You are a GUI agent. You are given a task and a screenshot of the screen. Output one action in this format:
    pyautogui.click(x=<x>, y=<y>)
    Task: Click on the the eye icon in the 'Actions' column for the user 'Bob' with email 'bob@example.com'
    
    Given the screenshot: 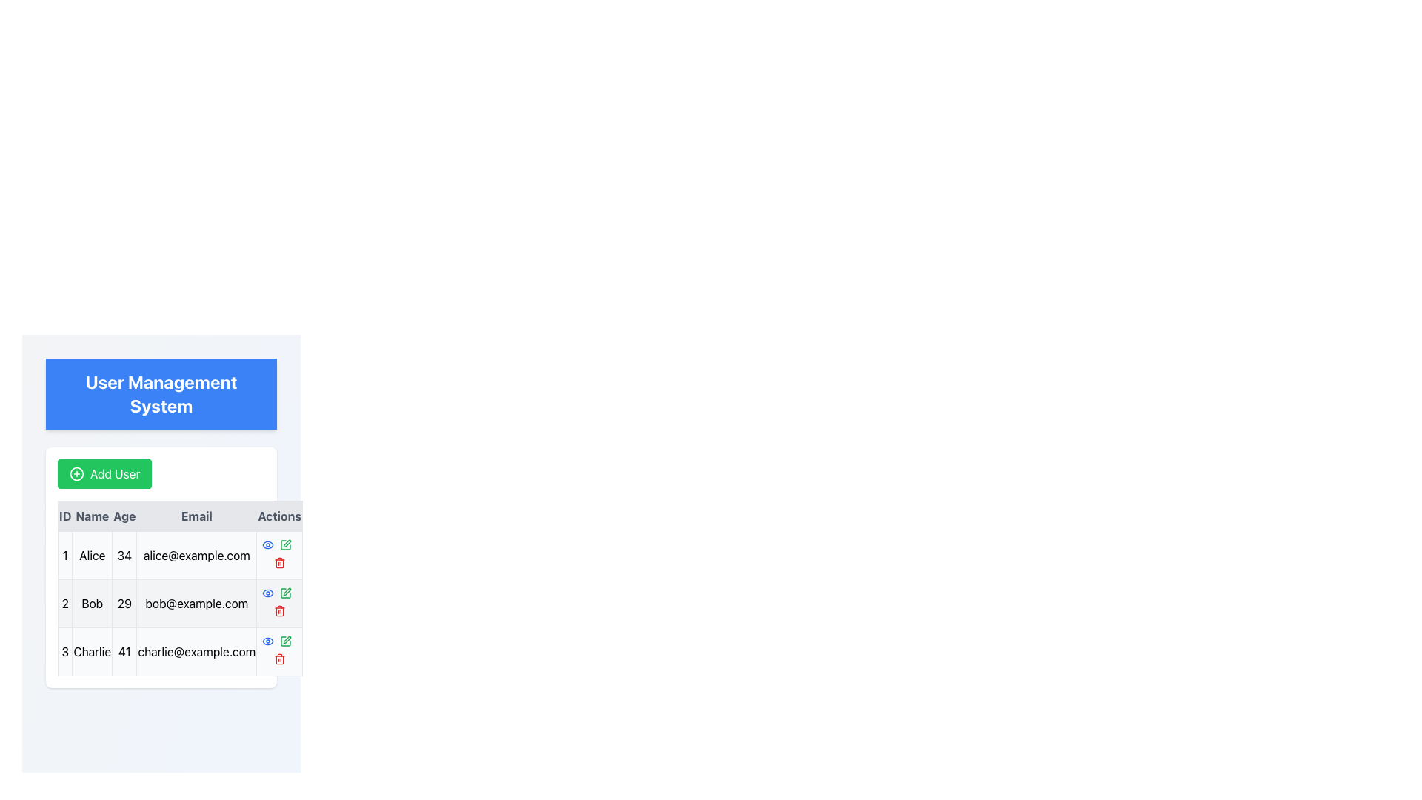 What is the action you would take?
    pyautogui.click(x=267, y=545)
    